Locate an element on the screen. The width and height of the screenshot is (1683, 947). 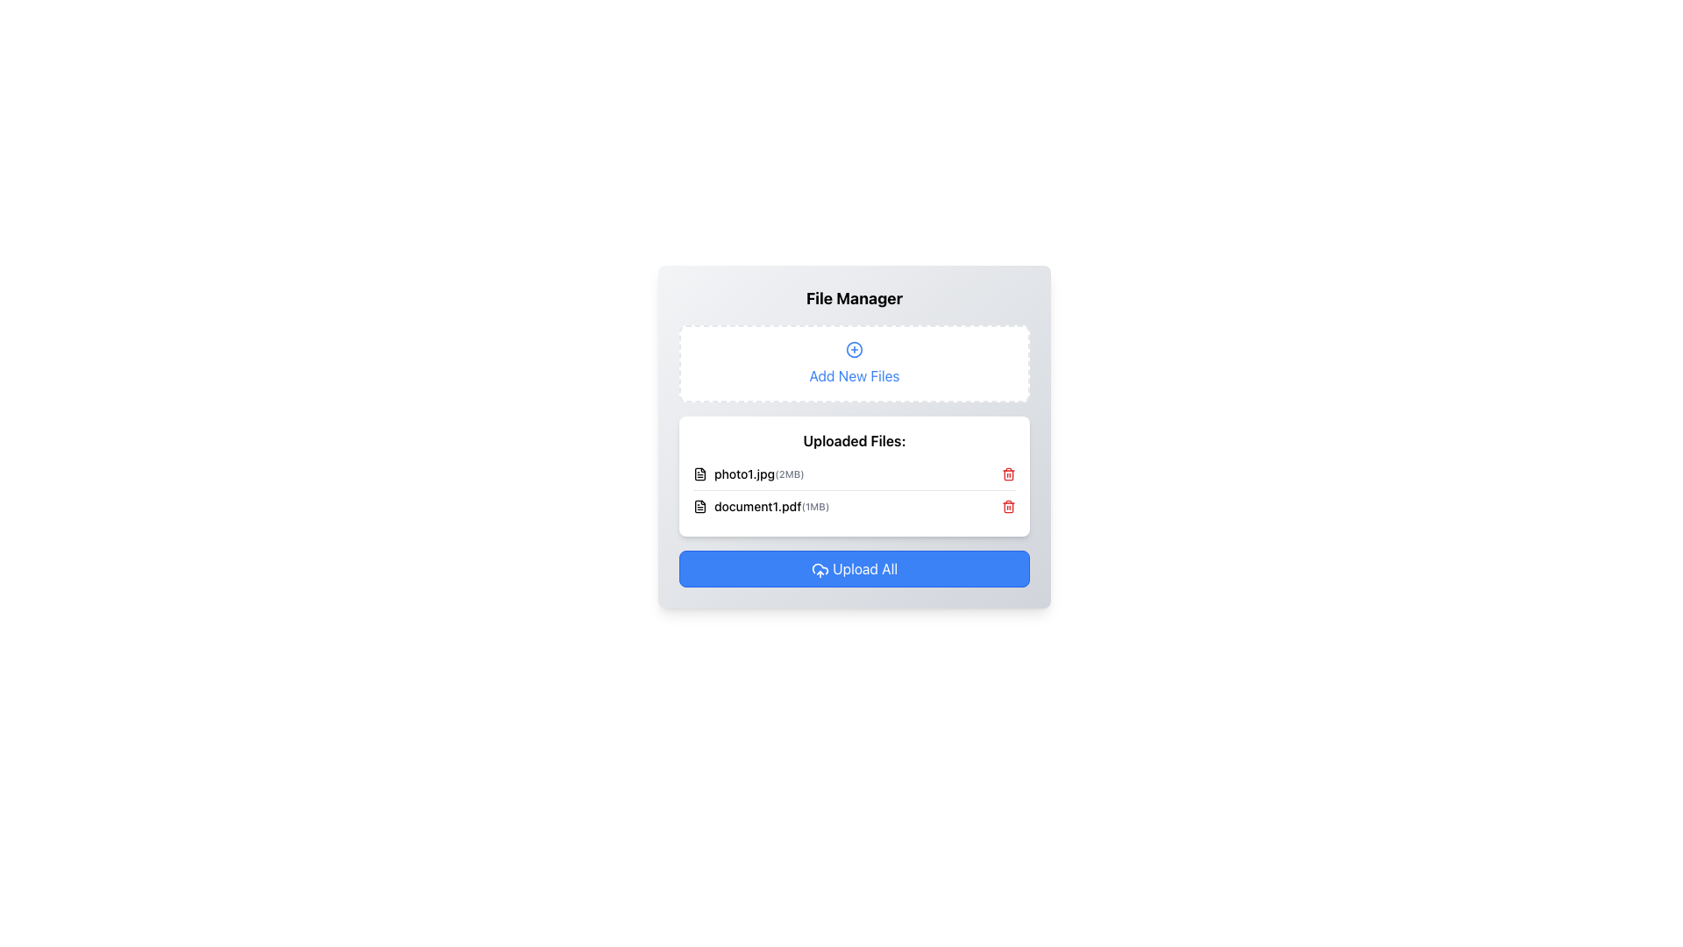
the rectangular SVG icon resembling a document that represents the uploaded file 'document1.pdf' to focus on it is located at coordinates (699, 507).